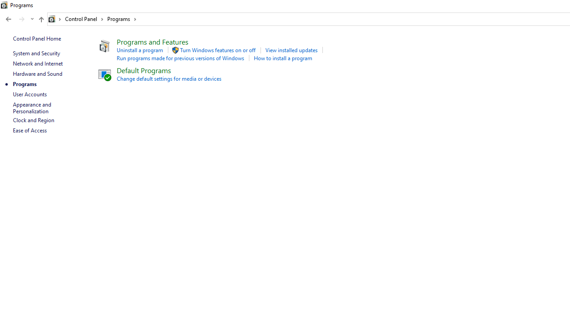 This screenshot has width=570, height=321. I want to click on 'Forward (Alt + Right Arrow)', so click(22, 19).